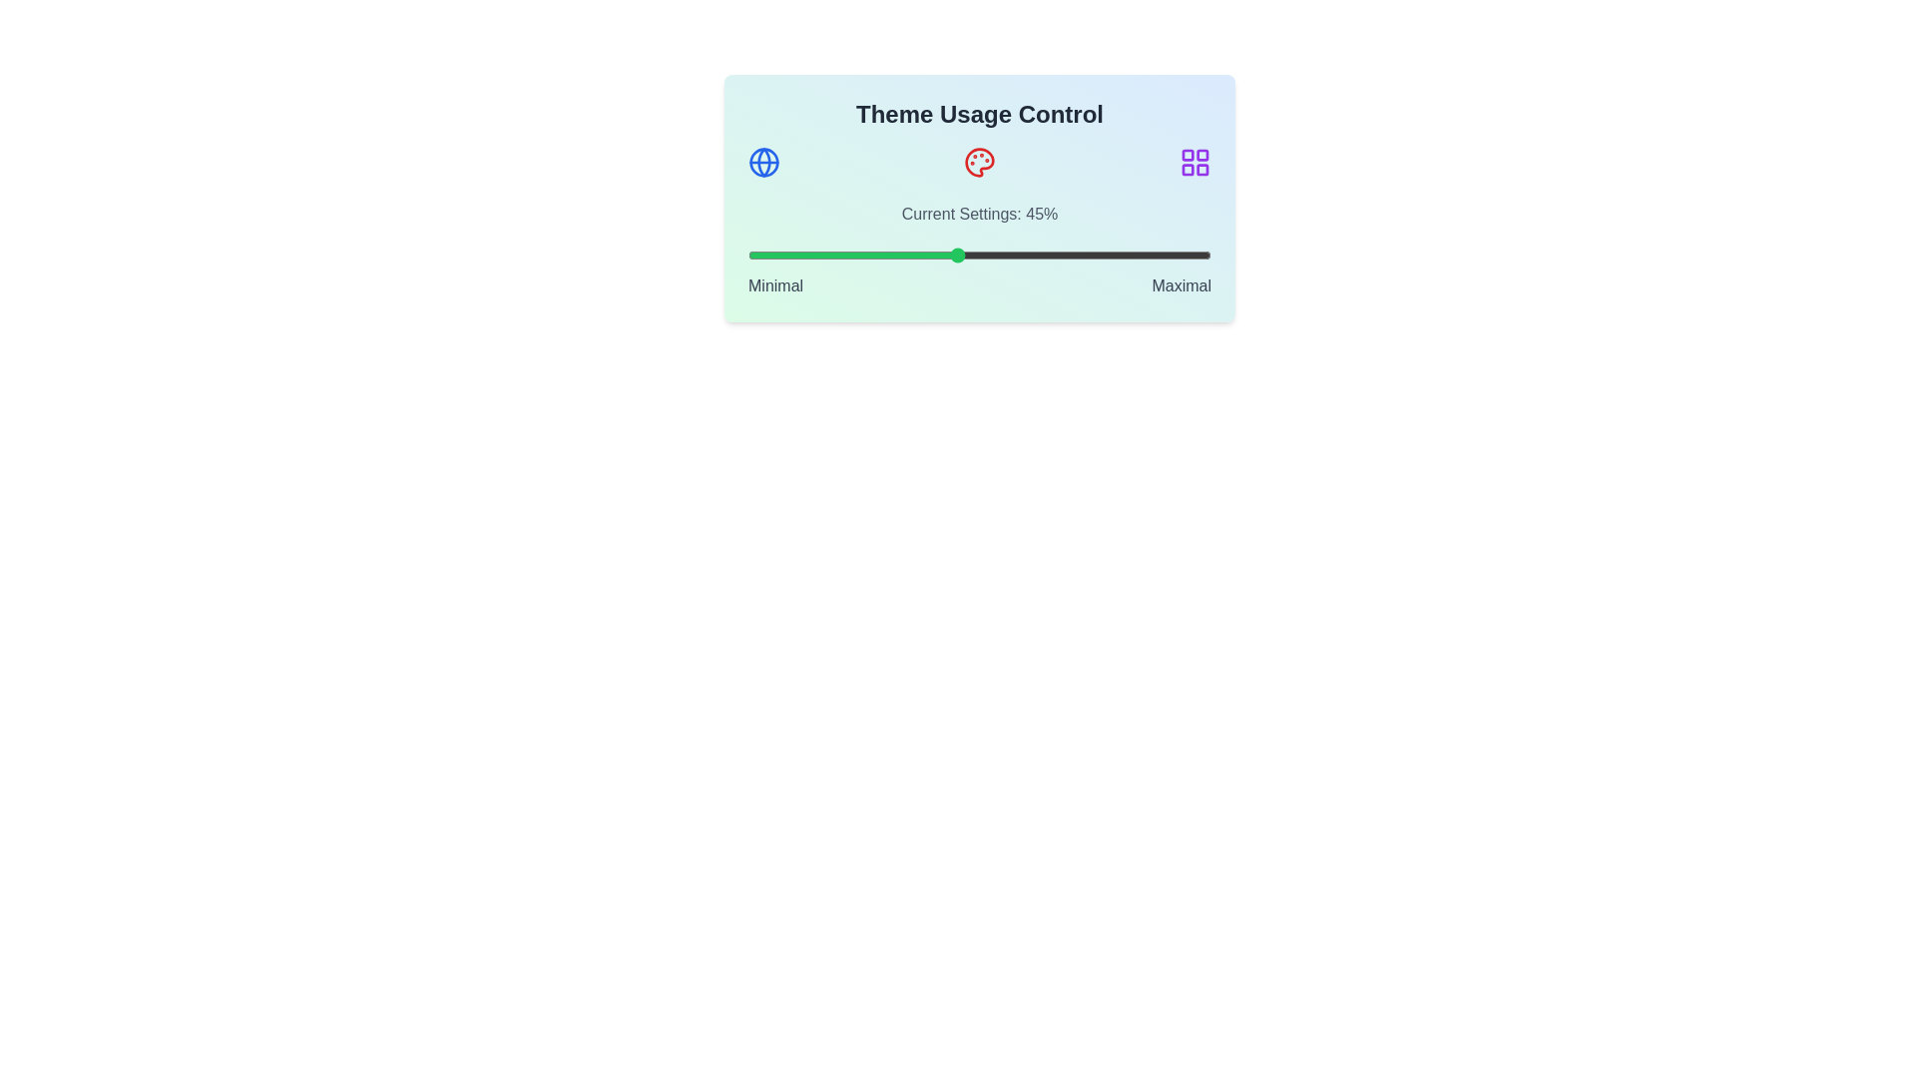  What do you see at coordinates (980, 254) in the screenshot?
I see `the slider to trigger feedback or tooltip` at bounding box center [980, 254].